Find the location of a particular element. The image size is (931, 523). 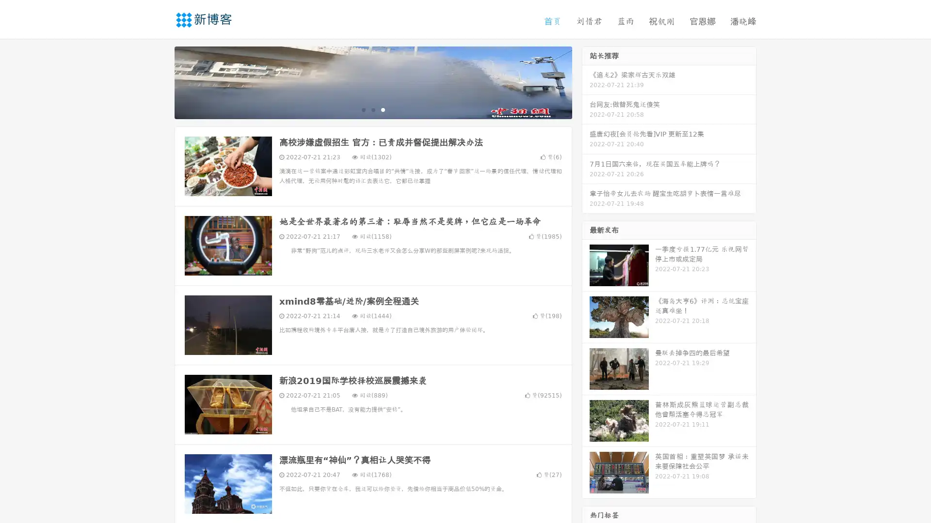

Go to slide 1 is located at coordinates (363, 109).